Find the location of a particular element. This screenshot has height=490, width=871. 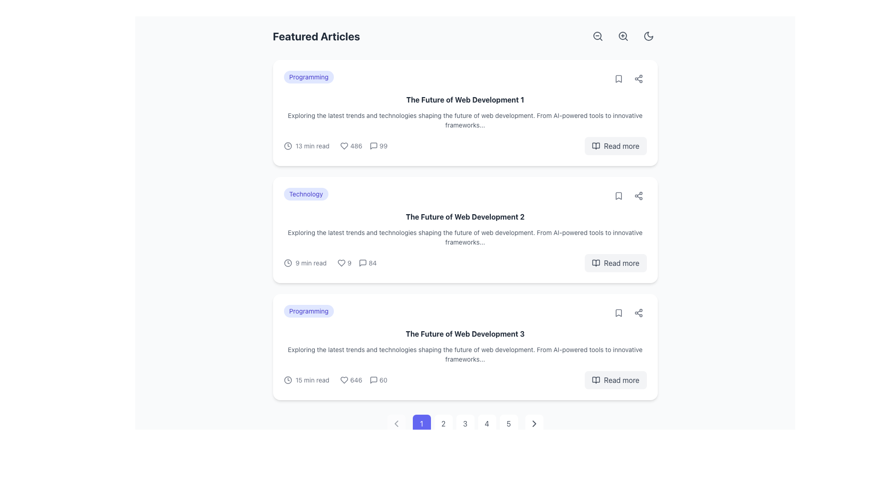

the circular button labeled '5' located at the bottom center of the interface is located at coordinates (509, 423).